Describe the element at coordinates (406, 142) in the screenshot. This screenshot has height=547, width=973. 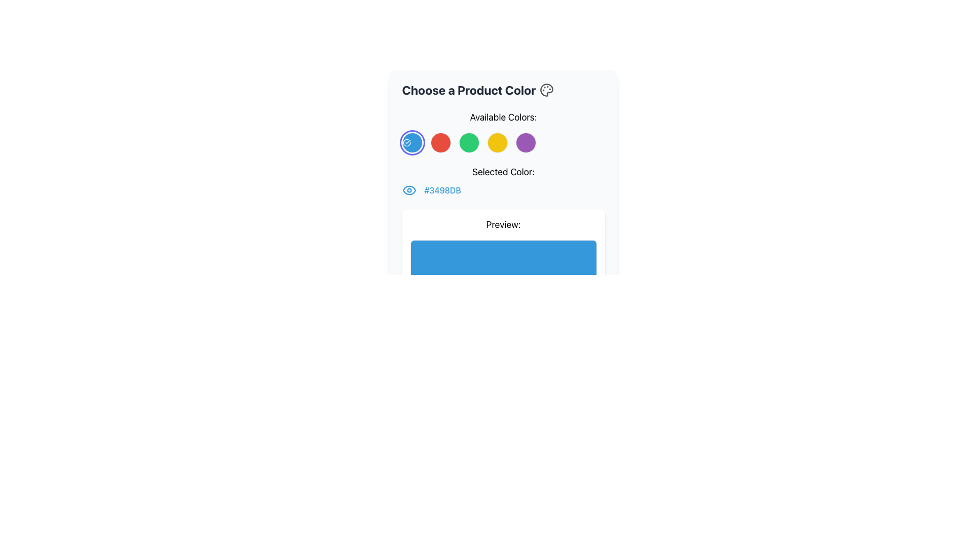
I see `the blue color icon, which is the first item in the row of colorful circular elements under the 'Available Colors:' heading` at that location.